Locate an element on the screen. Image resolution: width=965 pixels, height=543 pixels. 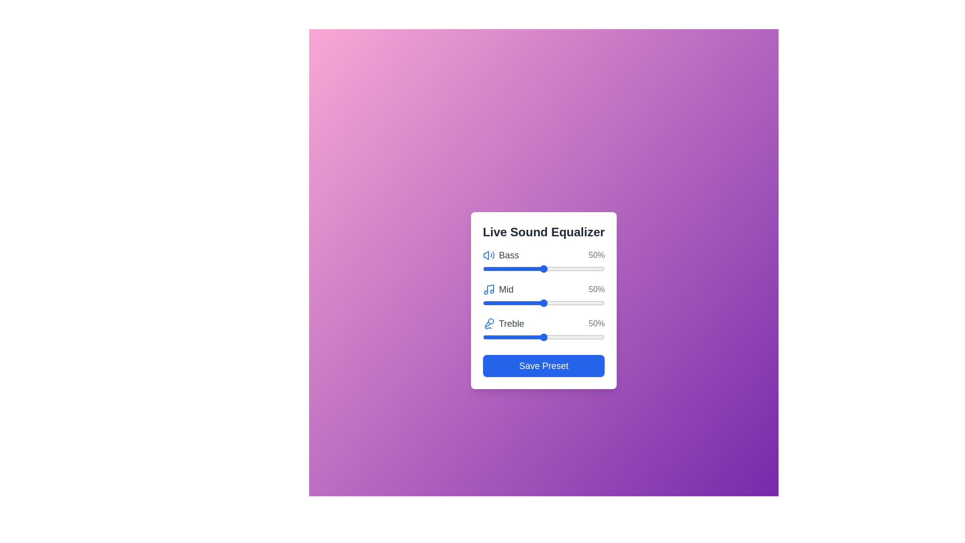
the 'Mid' slider to 97% is located at coordinates (601, 302).